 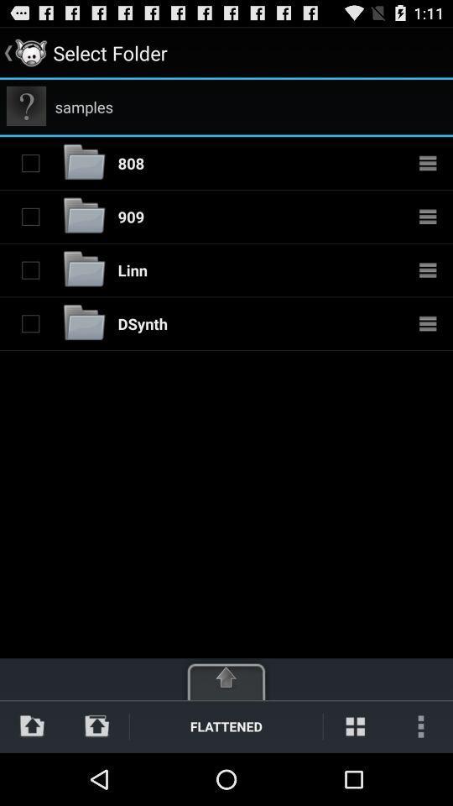 I want to click on the item to the left of the samples app, so click(x=25, y=105).